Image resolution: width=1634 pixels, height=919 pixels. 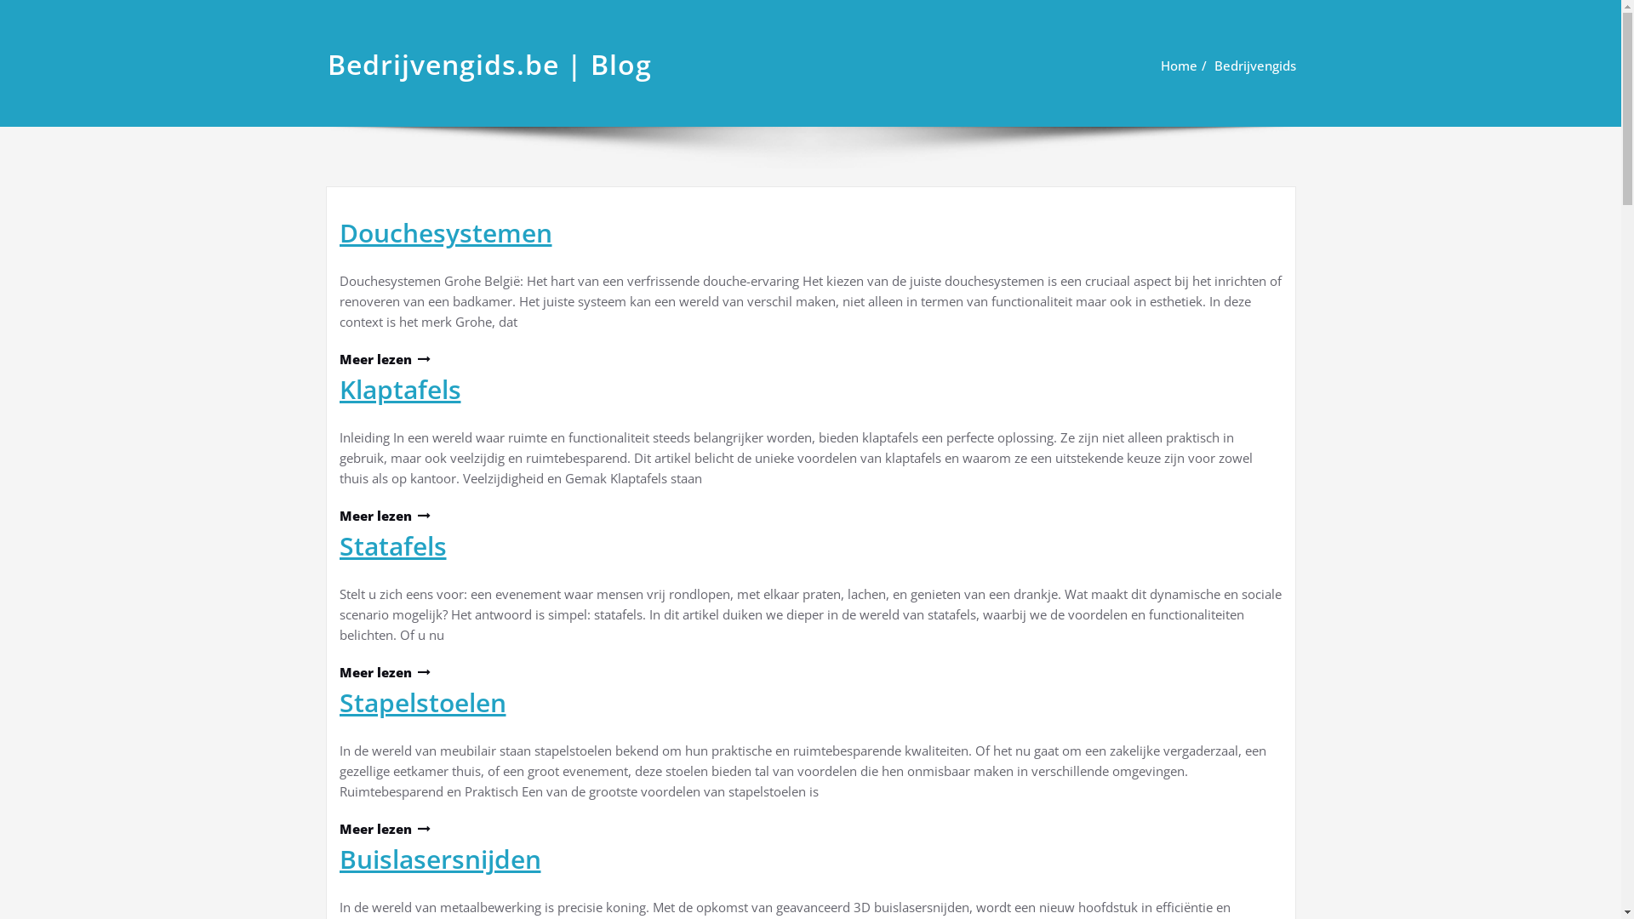 I want to click on 'Bedrijvengids', so click(x=1254, y=65).